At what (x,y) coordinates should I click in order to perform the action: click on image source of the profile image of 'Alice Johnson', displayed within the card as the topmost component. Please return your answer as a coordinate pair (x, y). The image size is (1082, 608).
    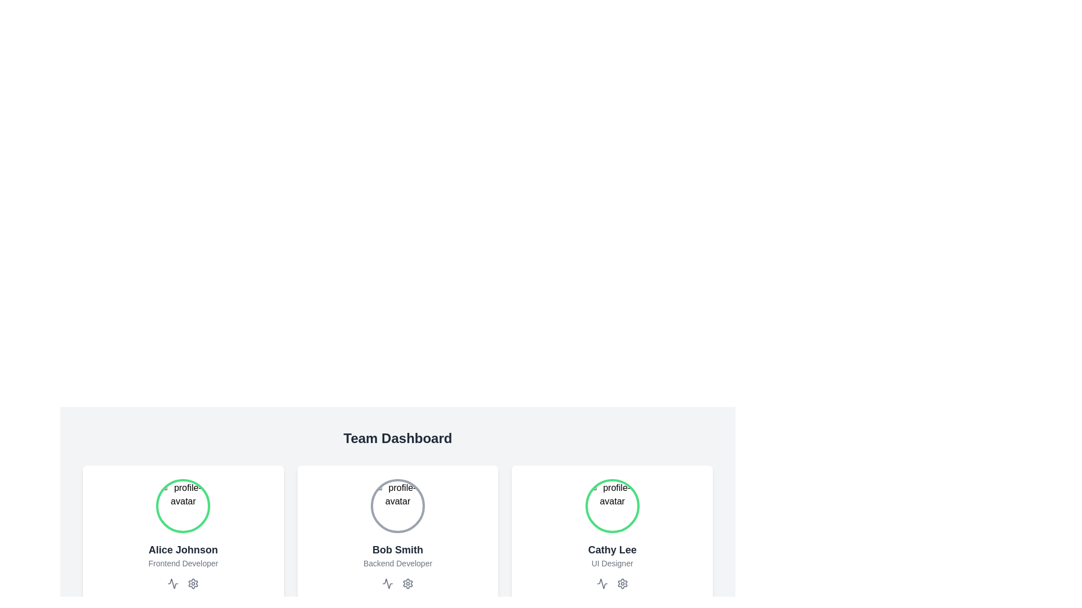
    Looking at the image, I should click on (183, 505).